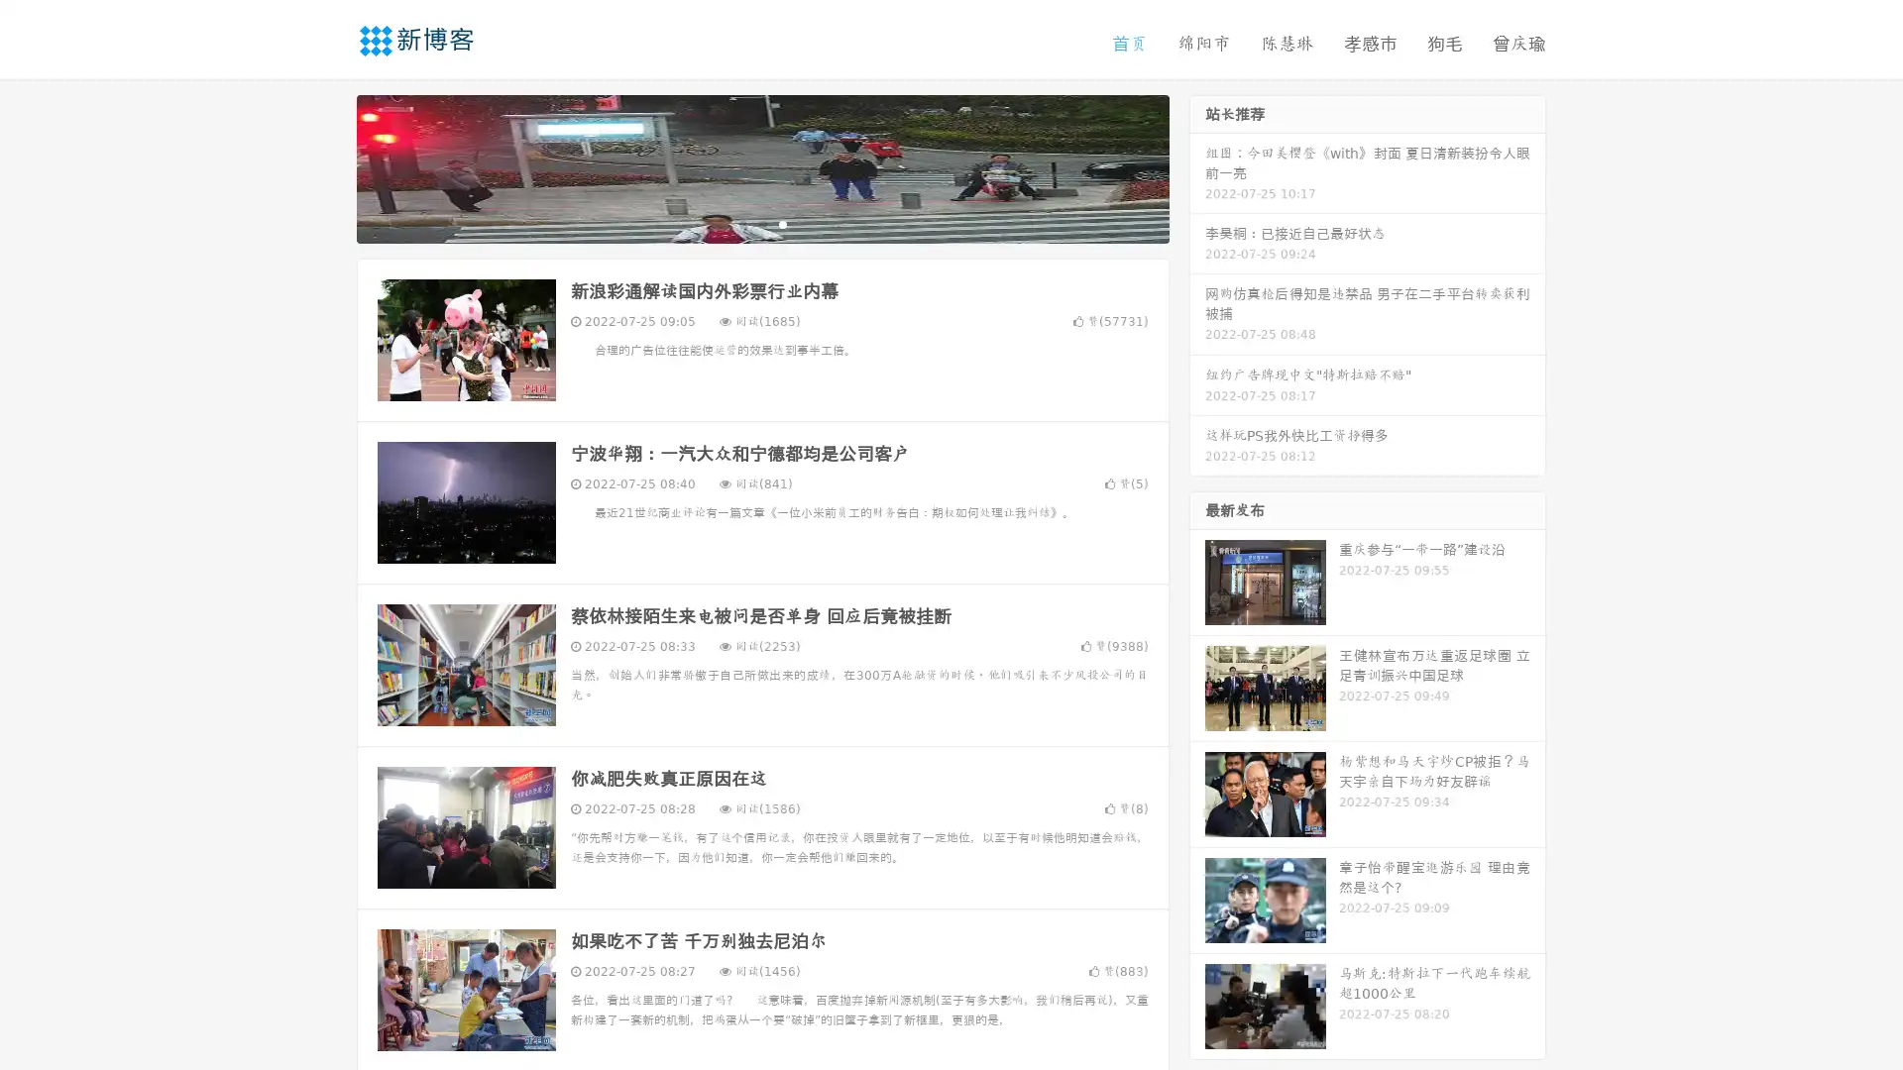 The height and width of the screenshot is (1070, 1903). Describe the element at coordinates (782, 223) in the screenshot. I see `Go to slide 3` at that location.